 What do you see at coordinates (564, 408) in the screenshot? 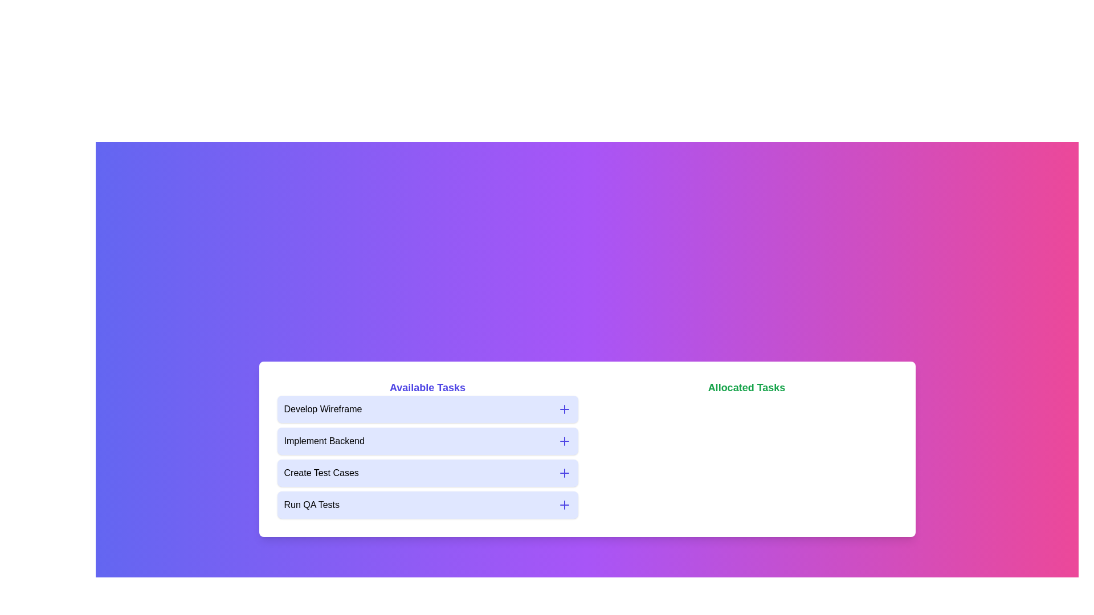
I see `'+' icon next to the task 'Develop Wireframe' in the 'Available Tasks' list to allocate it` at bounding box center [564, 408].